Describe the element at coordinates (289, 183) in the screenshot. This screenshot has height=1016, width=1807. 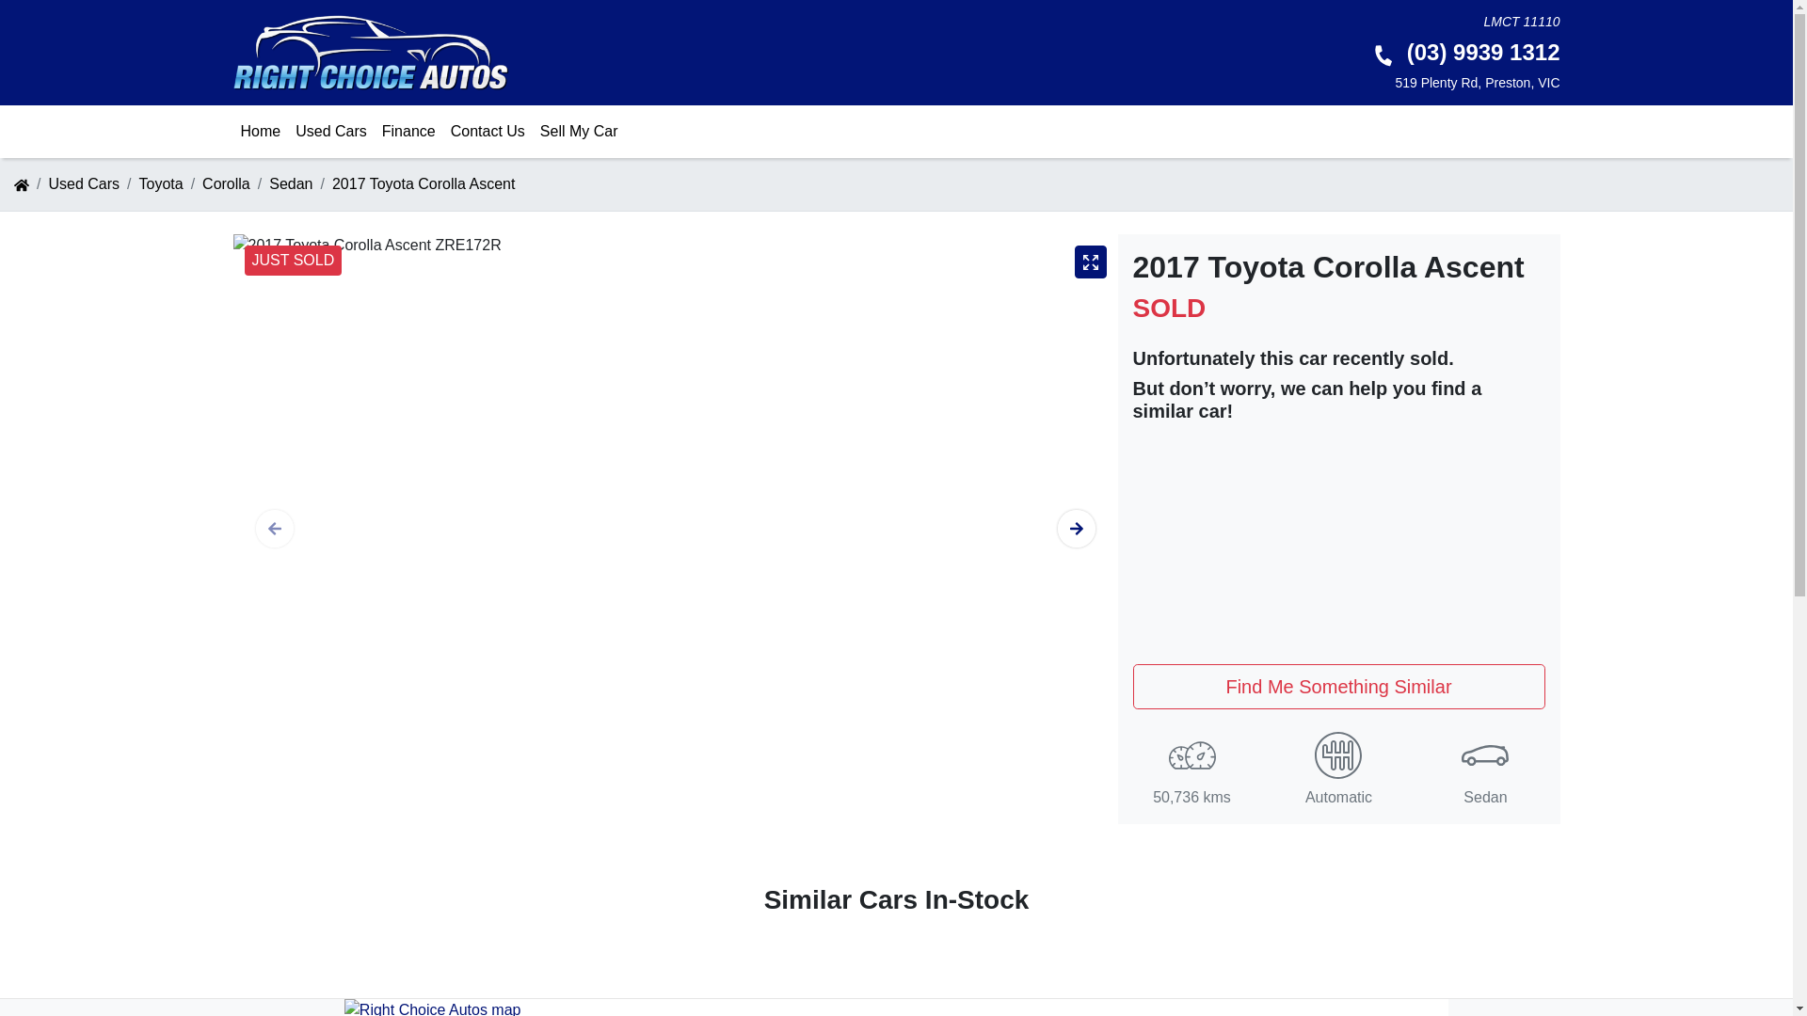
I see `'Sedan'` at that location.